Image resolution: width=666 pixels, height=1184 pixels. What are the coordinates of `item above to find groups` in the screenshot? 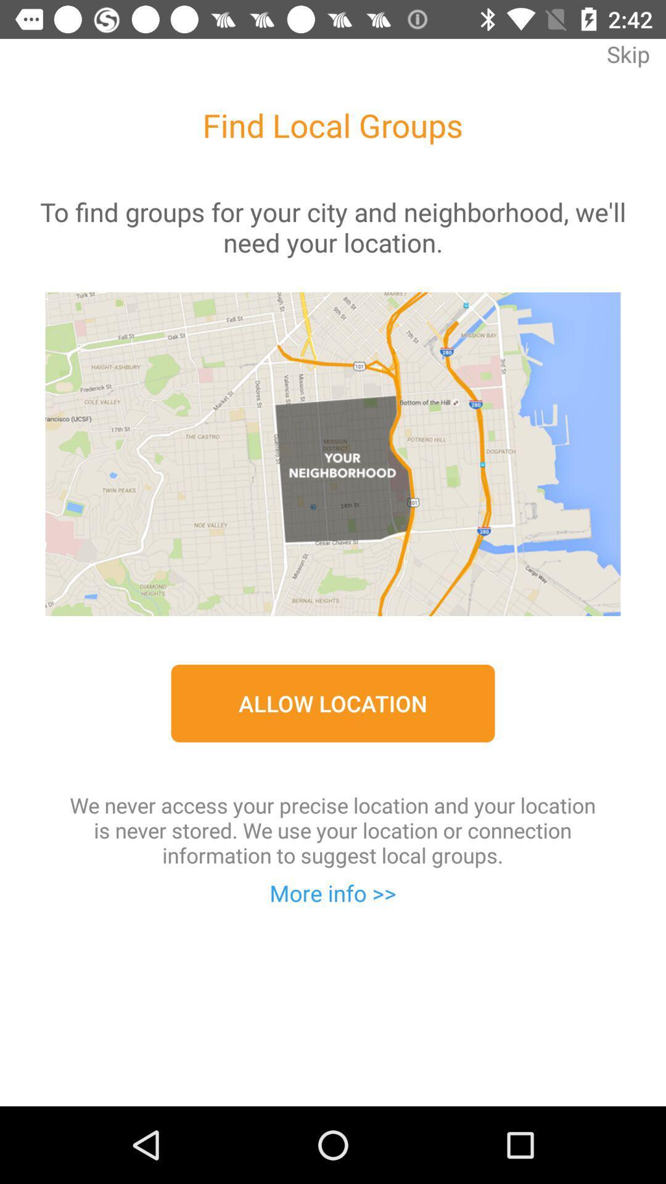 It's located at (628, 62).